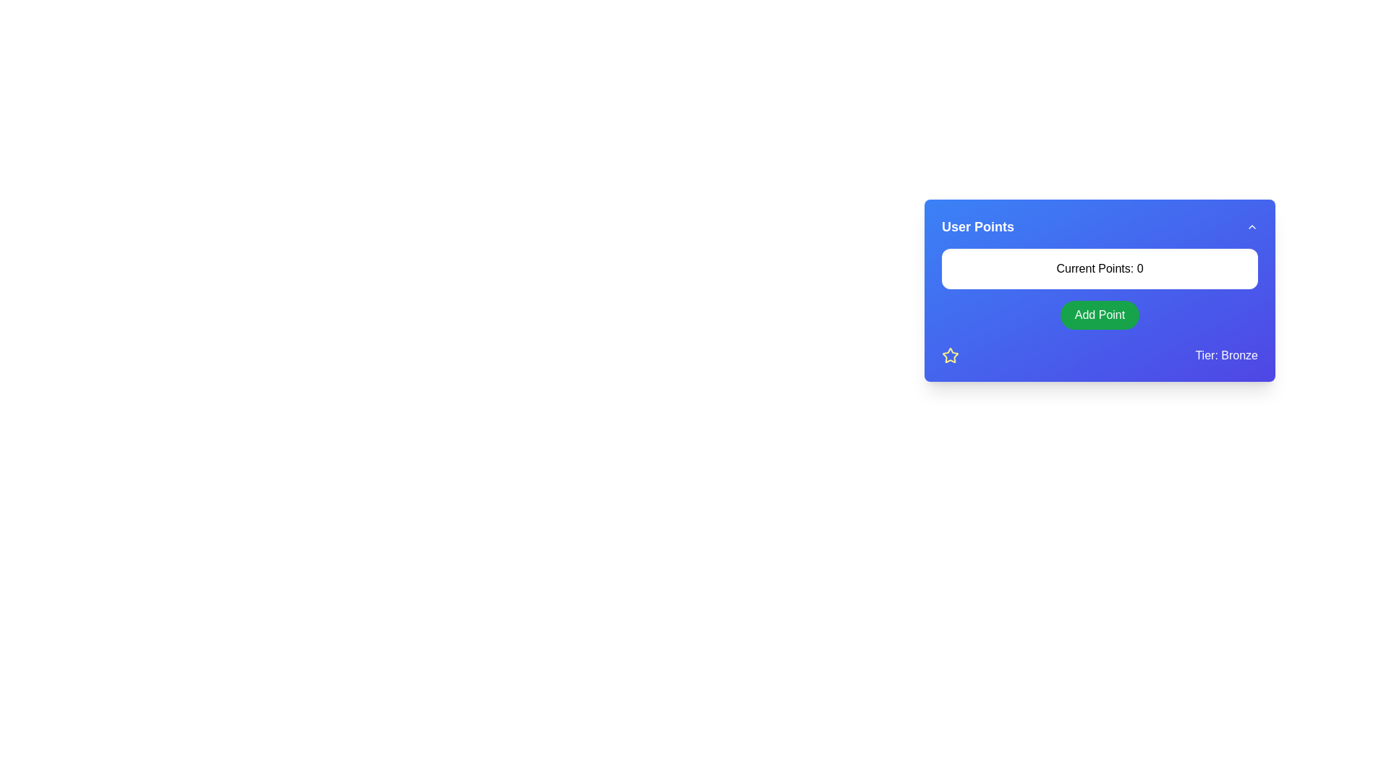  Describe the element at coordinates (1100, 314) in the screenshot. I see `the button located below the 'Current Points: 0' text box` at that location.